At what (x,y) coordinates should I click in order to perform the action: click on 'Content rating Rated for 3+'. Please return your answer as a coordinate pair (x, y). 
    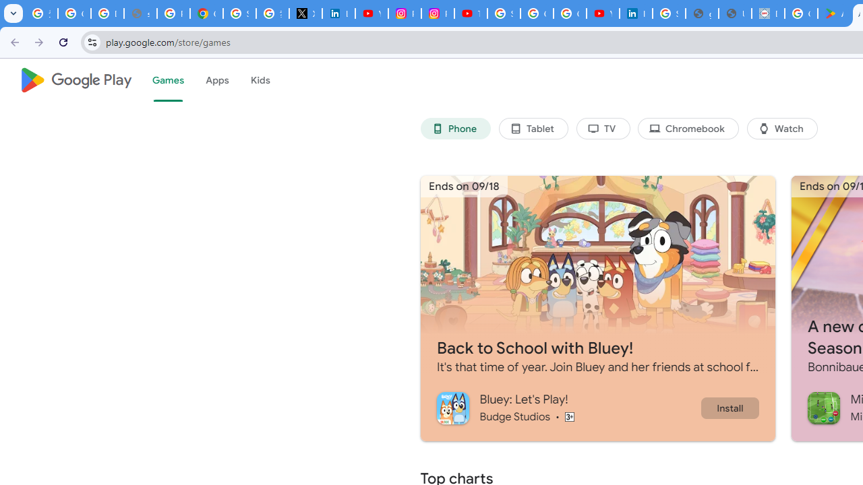
    Looking at the image, I should click on (569, 416).